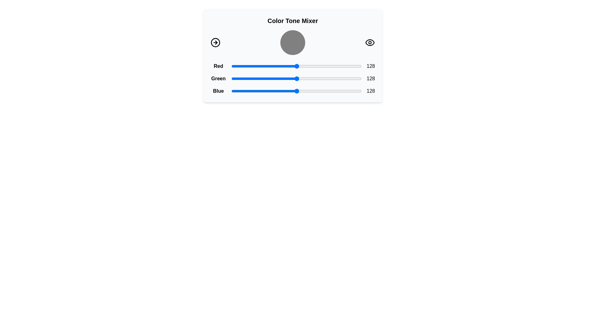 This screenshot has height=336, width=598. Describe the element at coordinates (309, 78) in the screenshot. I see `the green color intensity` at that location.